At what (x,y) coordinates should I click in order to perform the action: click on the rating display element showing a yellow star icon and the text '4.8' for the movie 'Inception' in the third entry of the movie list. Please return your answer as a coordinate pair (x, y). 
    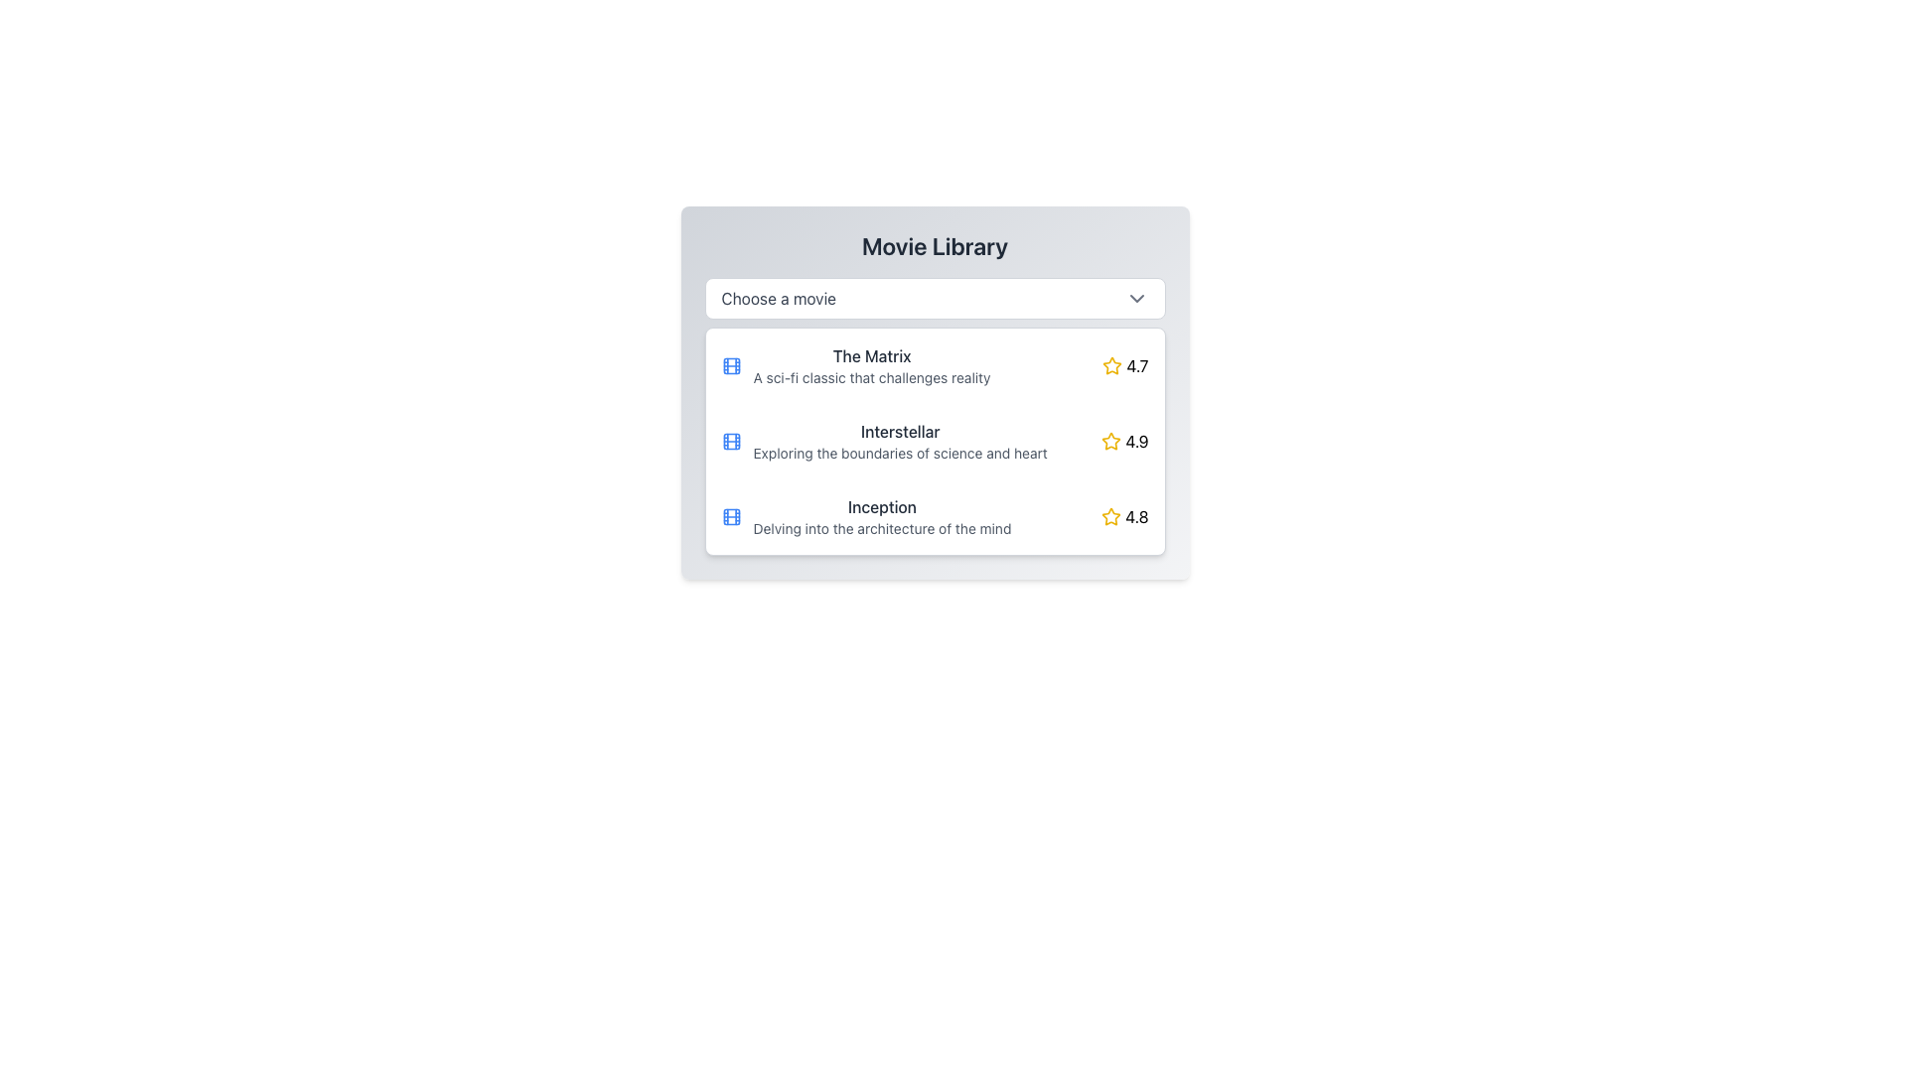
    Looking at the image, I should click on (1124, 515).